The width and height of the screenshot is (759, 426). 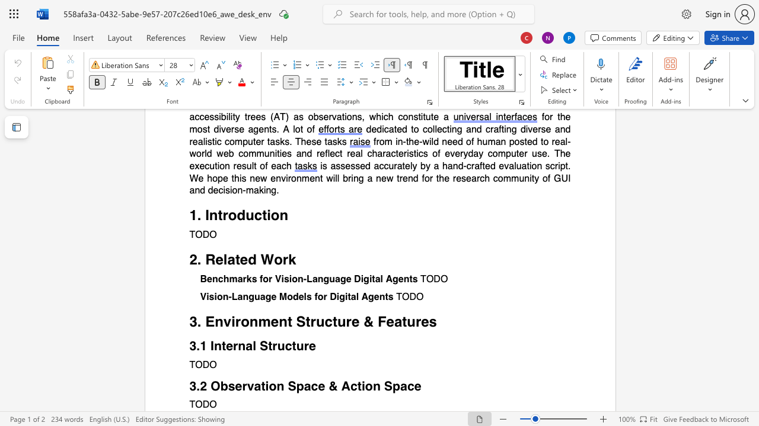 What do you see at coordinates (196, 386) in the screenshot?
I see `the subset text ".2 Ob" within the text "3.2 Observation Space & Action Space"` at bounding box center [196, 386].